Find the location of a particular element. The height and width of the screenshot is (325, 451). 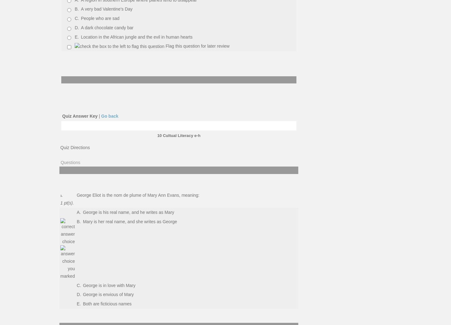

'George Eliot is the nom de plume of Mary Ann Evans, meaning:' is located at coordinates (137, 195).